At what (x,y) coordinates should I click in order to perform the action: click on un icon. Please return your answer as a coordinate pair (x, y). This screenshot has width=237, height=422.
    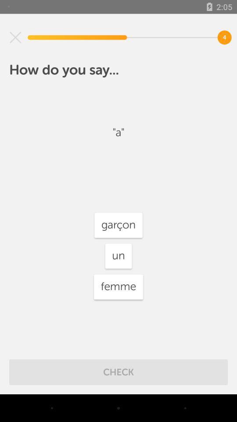
    Looking at the image, I should click on (118, 256).